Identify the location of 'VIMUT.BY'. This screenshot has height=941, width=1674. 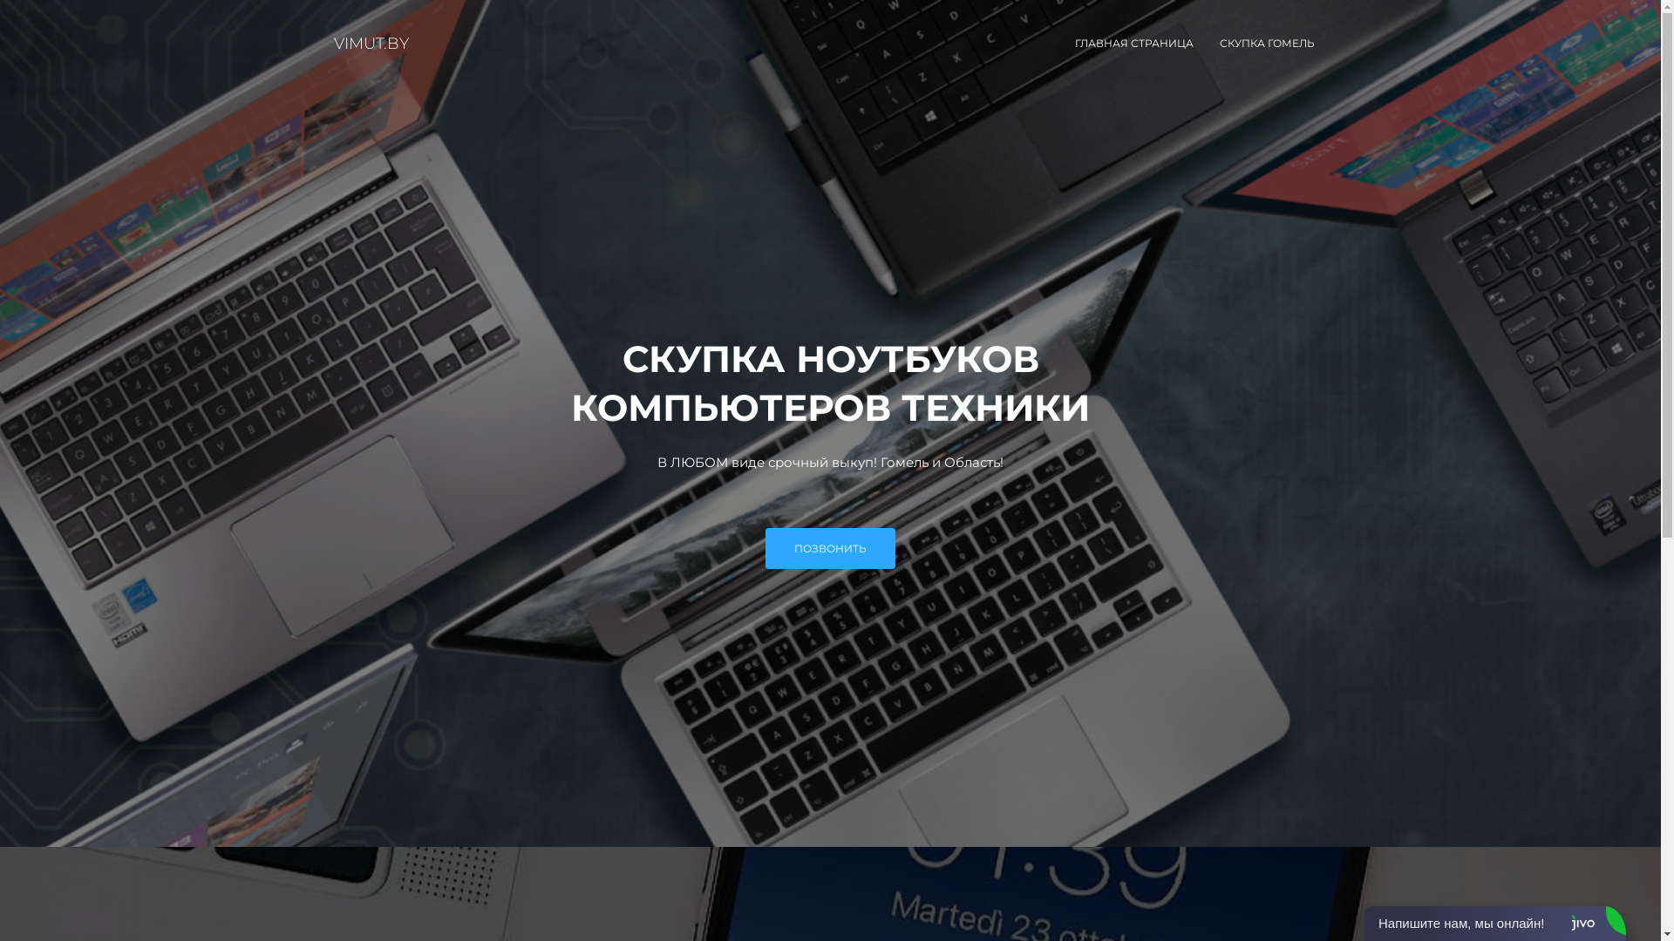
(371, 43).